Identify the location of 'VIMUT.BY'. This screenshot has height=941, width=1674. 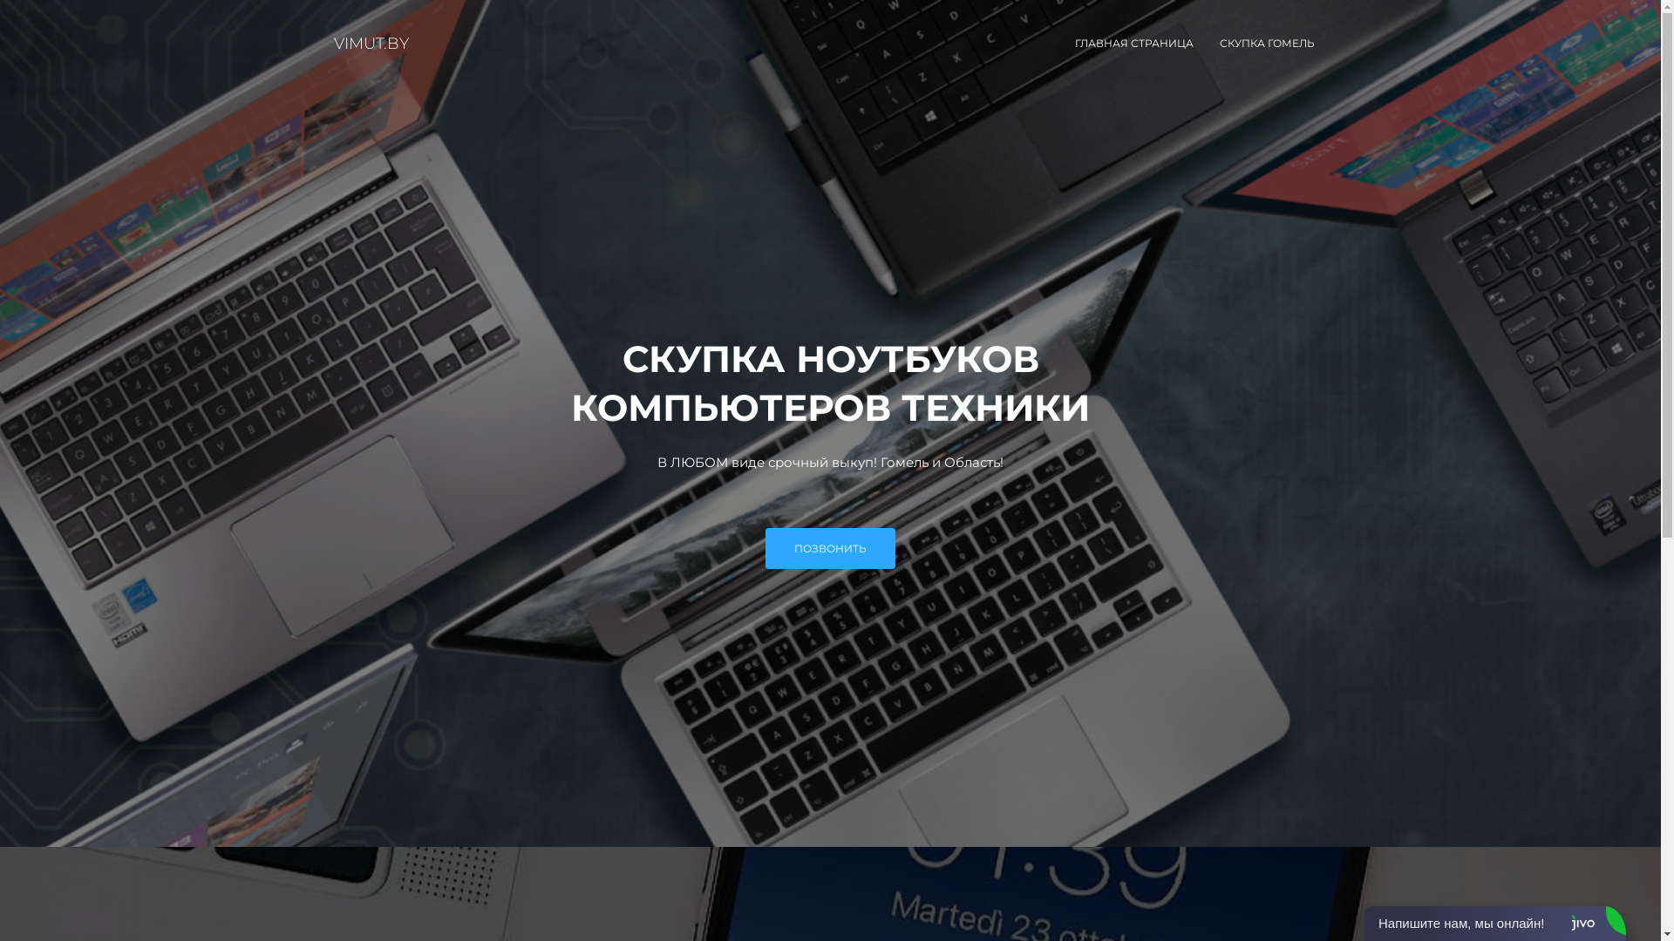
(371, 43).